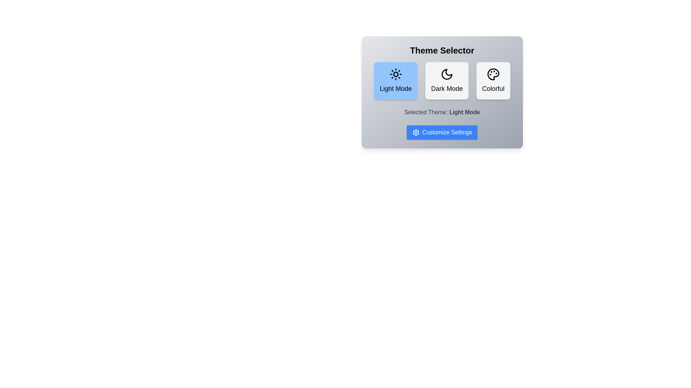 The image size is (691, 388). Describe the element at coordinates (493, 80) in the screenshot. I see `the theme button to select Colorful` at that location.